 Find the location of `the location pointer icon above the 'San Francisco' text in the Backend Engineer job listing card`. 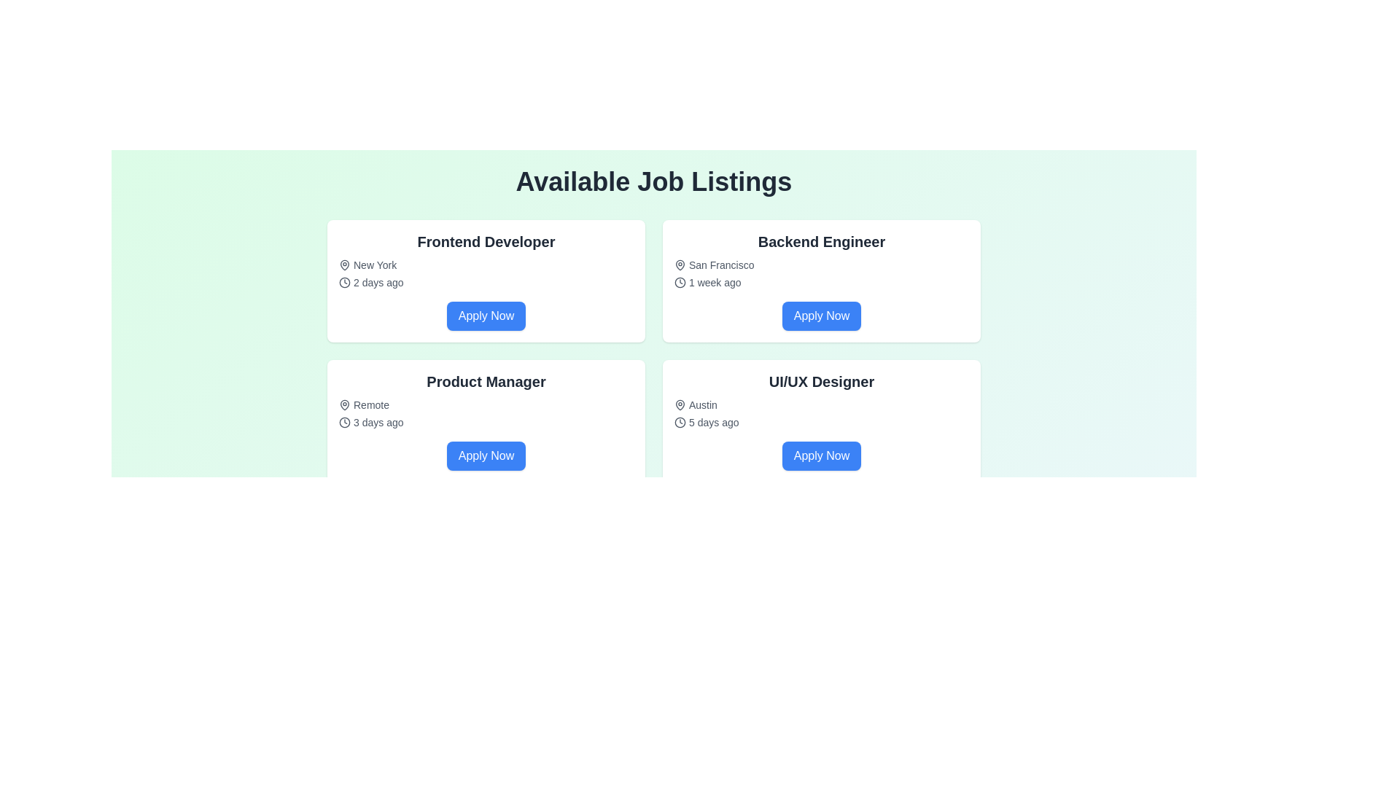

the location pointer icon above the 'San Francisco' text in the Backend Engineer job listing card is located at coordinates (679, 264).